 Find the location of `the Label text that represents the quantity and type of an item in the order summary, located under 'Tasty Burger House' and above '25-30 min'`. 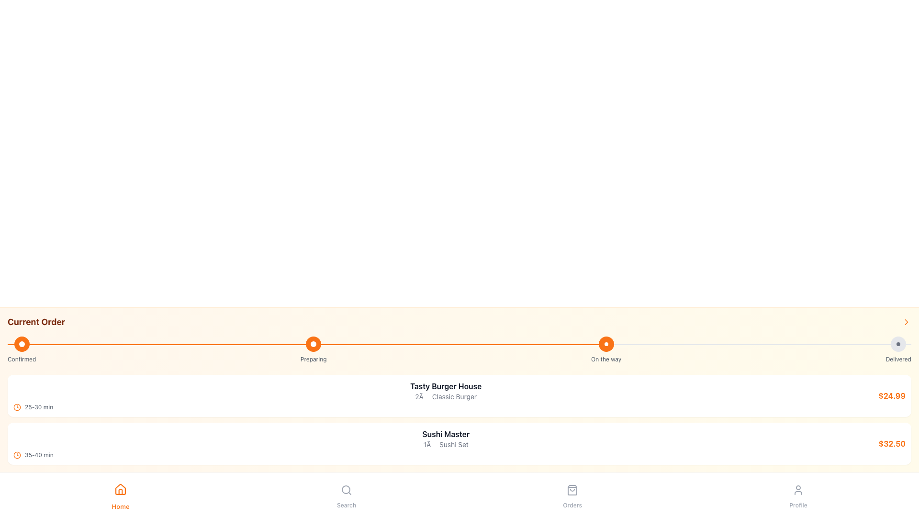

the Label text that represents the quantity and type of an item in the order summary, located under 'Tasty Burger House' and above '25-30 min' is located at coordinates (445, 397).